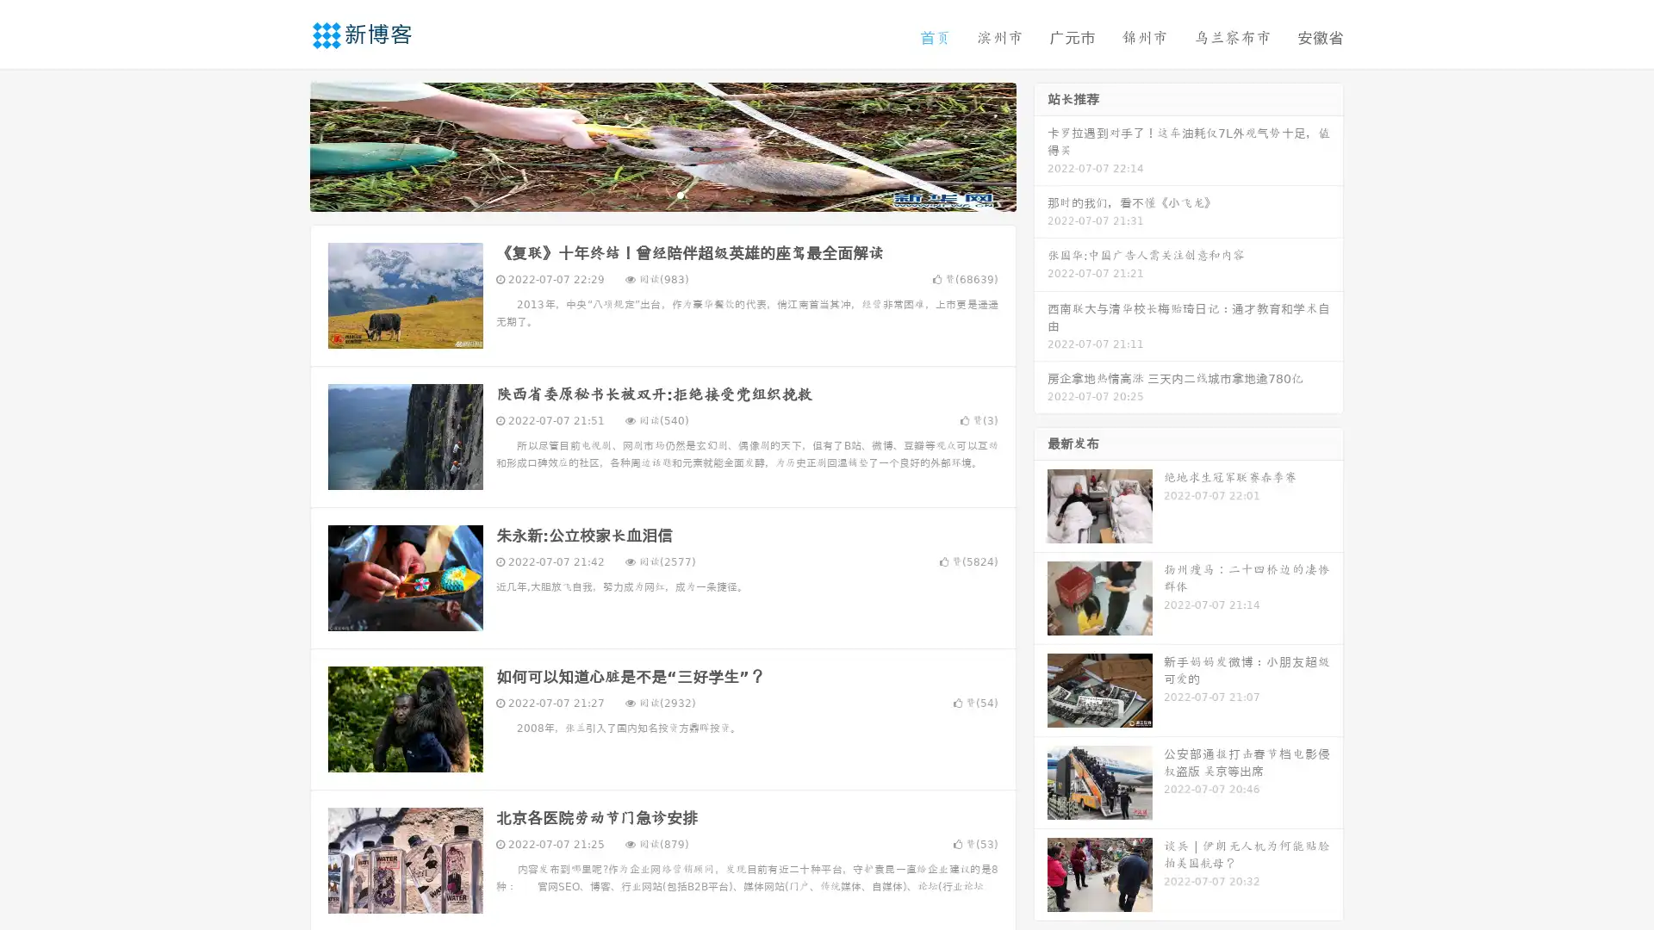 The width and height of the screenshot is (1654, 930). Describe the element at coordinates (680, 194) in the screenshot. I see `Go to slide 3` at that location.